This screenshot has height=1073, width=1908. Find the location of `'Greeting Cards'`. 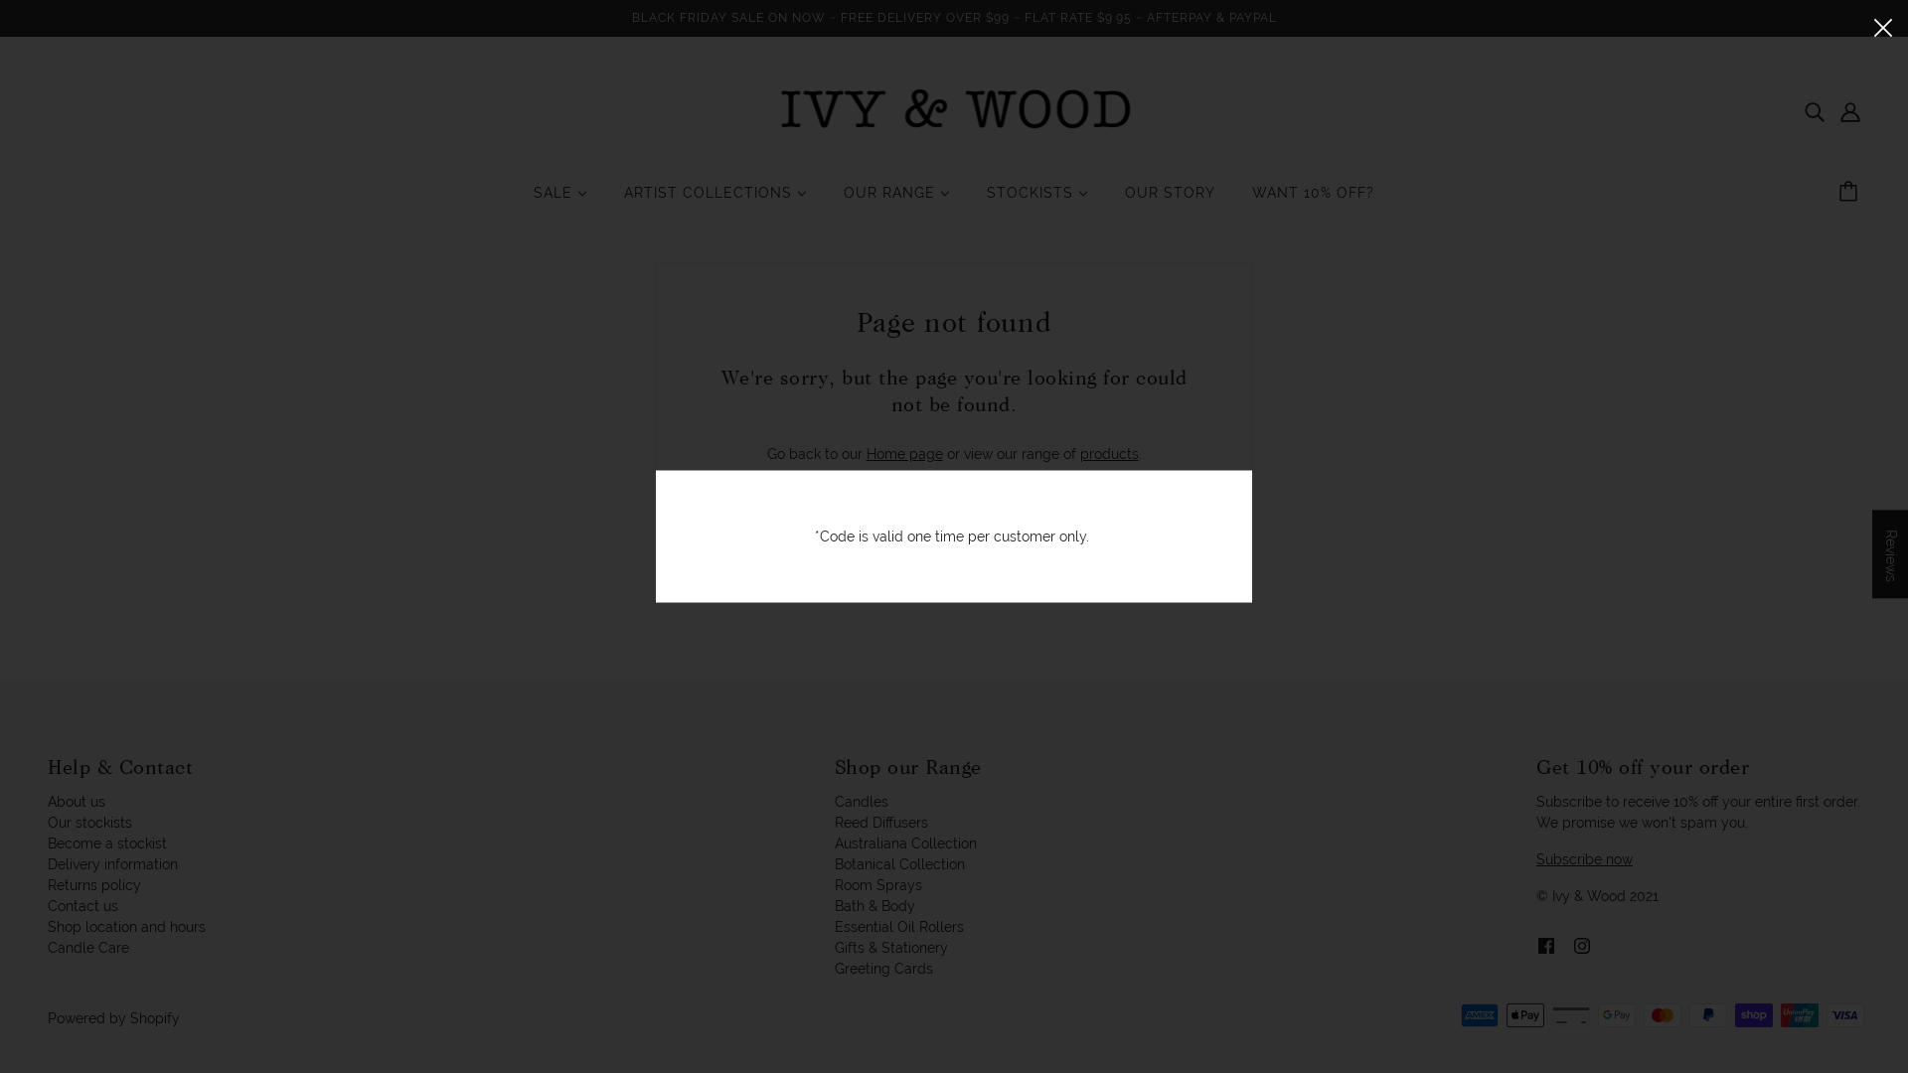

'Greeting Cards' is located at coordinates (882, 967).